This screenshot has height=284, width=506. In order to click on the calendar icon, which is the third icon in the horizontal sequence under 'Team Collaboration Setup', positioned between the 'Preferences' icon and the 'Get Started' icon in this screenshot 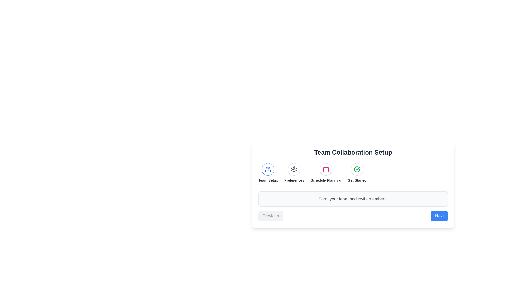, I will do `click(325, 169)`.